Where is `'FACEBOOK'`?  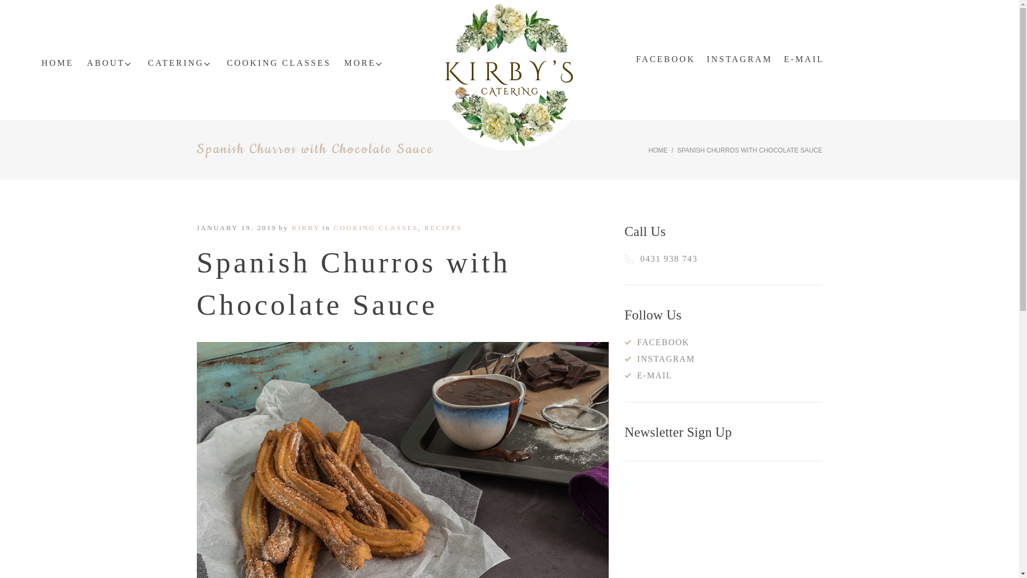
'FACEBOOK' is located at coordinates (665, 59).